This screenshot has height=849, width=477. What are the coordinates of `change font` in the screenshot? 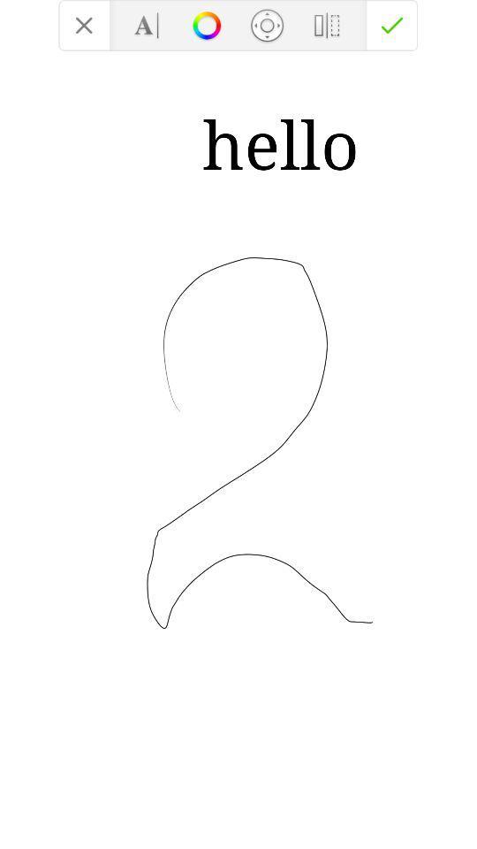 It's located at (146, 24).